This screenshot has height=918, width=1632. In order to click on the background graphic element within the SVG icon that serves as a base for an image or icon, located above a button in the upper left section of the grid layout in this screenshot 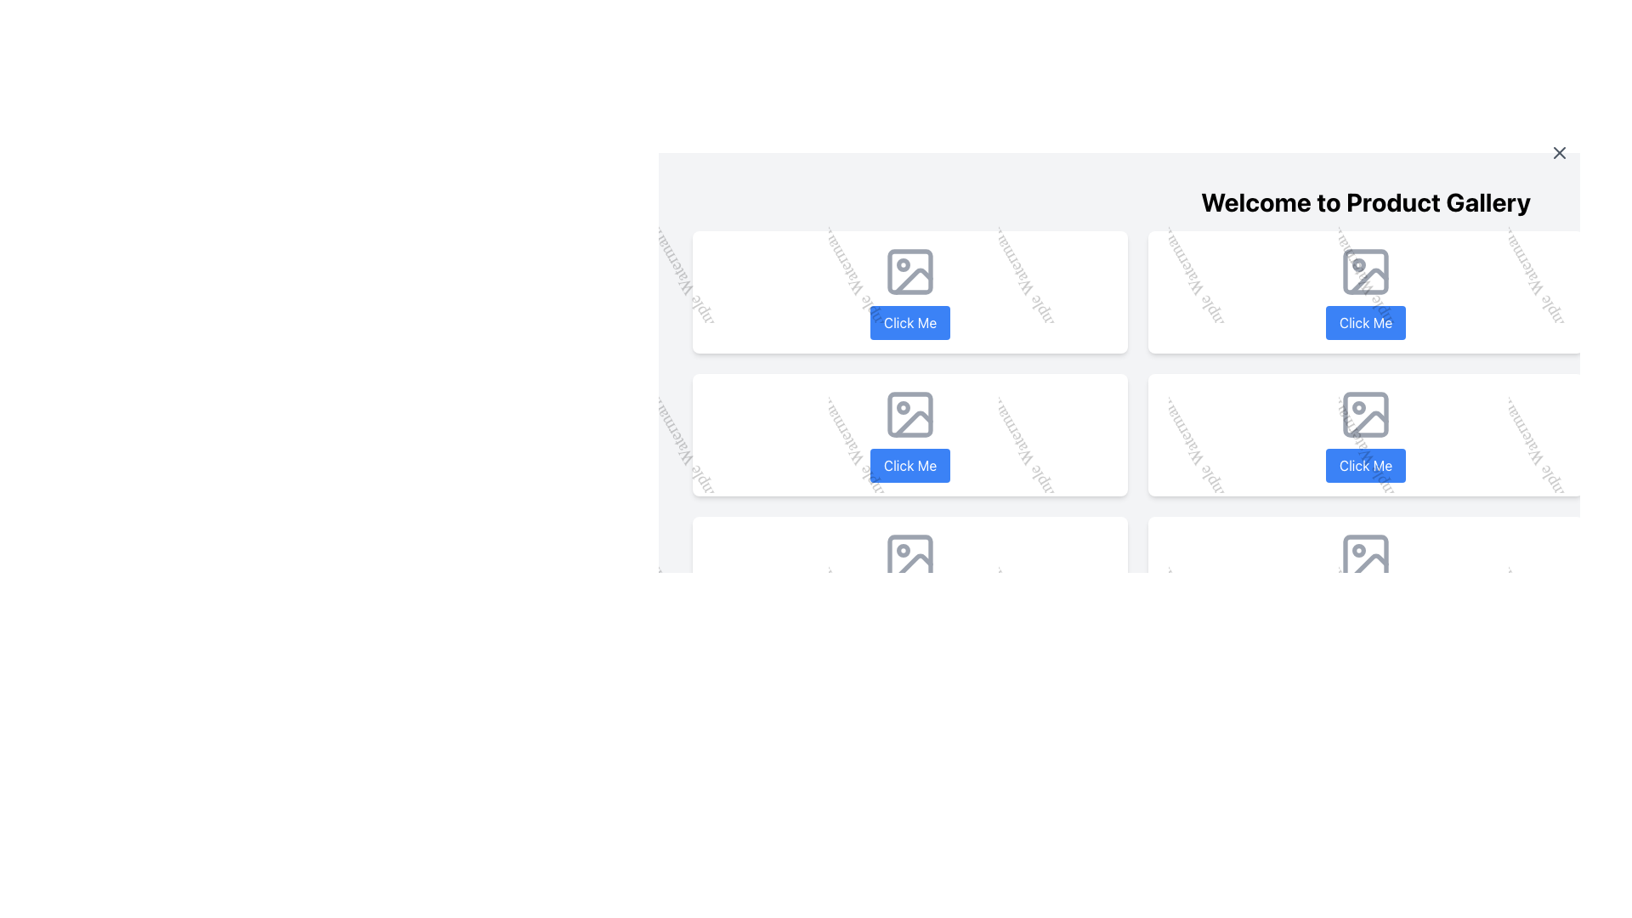, I will do `click(909, 271)`.